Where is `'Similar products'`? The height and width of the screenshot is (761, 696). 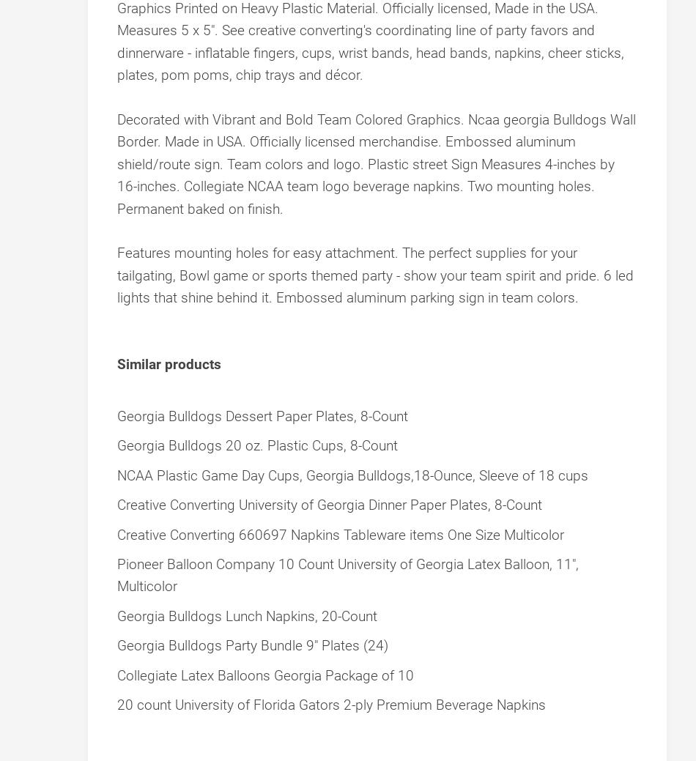
'Similar products' is located at coordinates (169, 363).